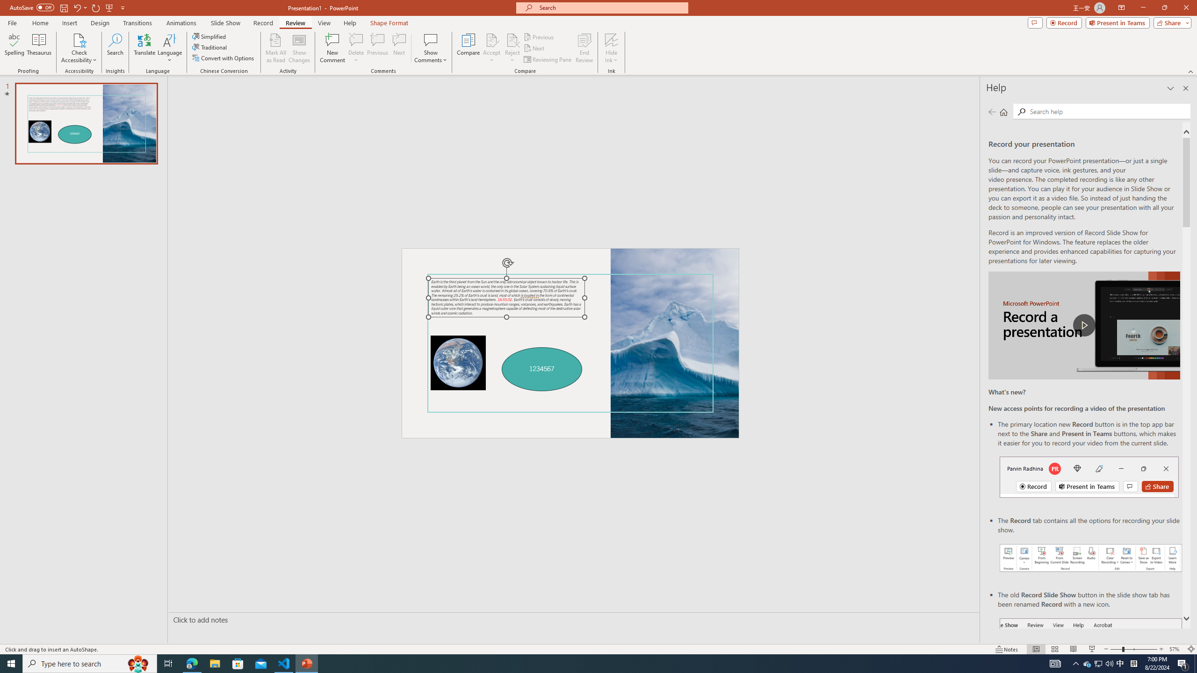 The width and height of the screenshot is (1197, 673). I want to click on 'Convert with Options...', so click(223, 57).